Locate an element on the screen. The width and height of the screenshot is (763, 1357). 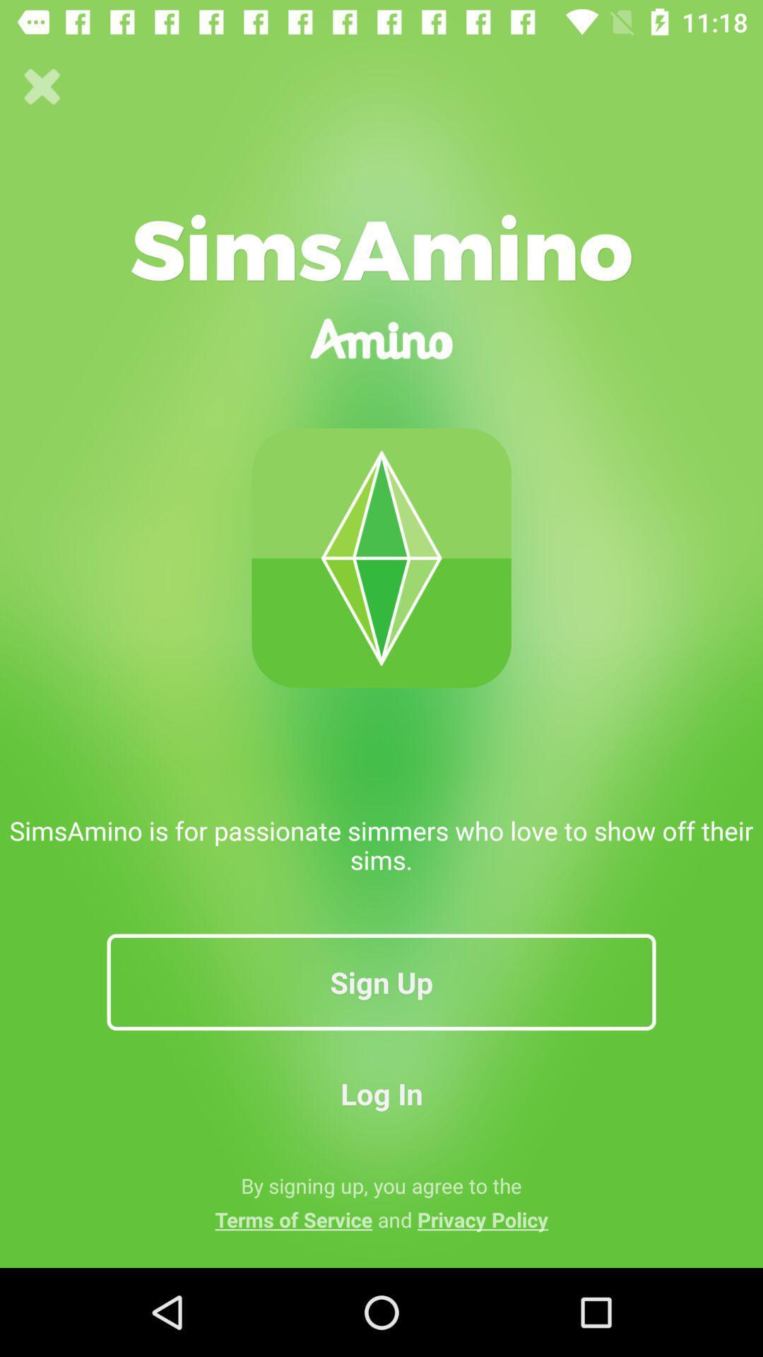
app is located at coordinates (42, 86).